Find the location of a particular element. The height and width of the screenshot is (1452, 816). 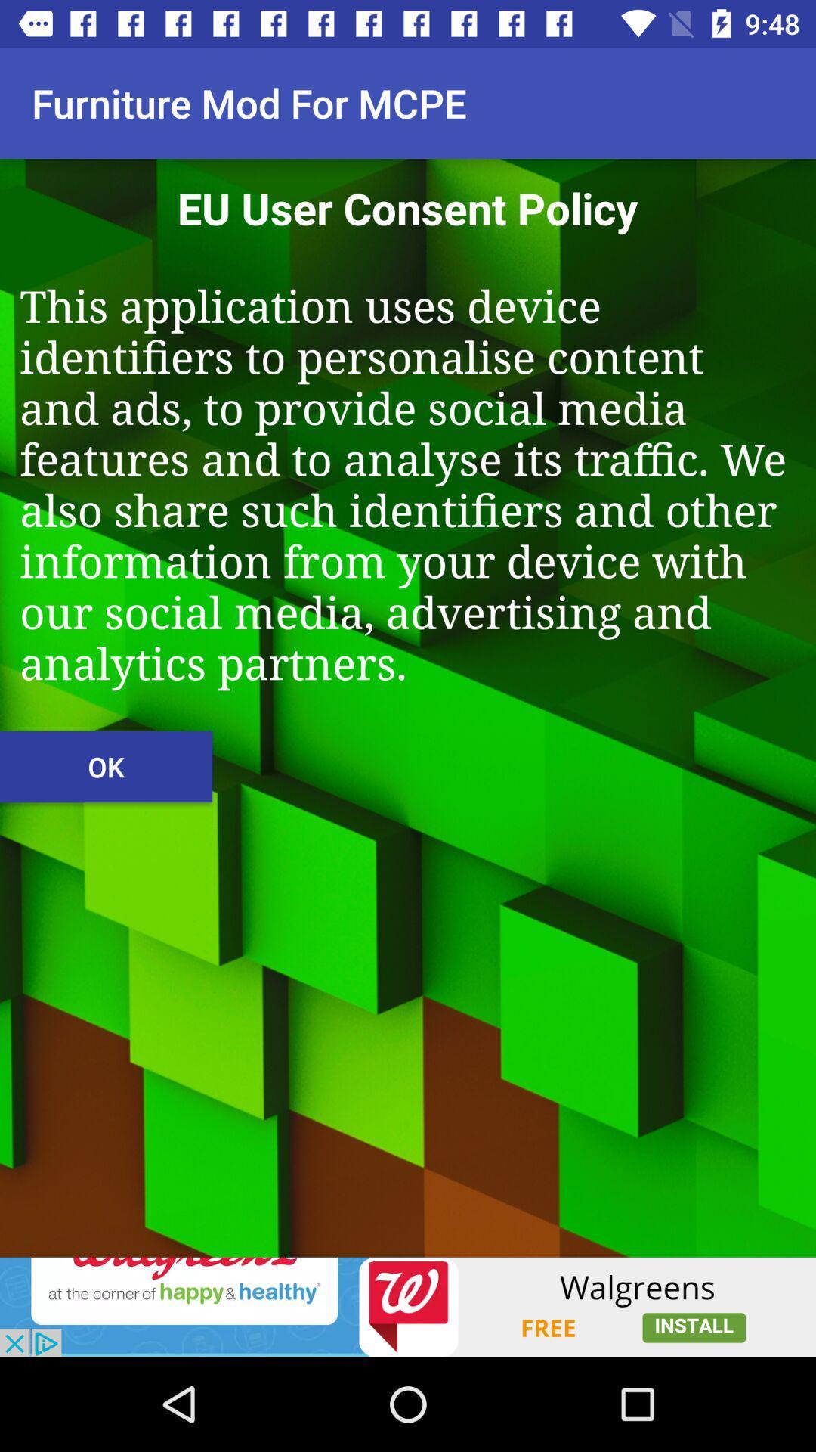

install sponsored app is located at coordinates (408, 1306).